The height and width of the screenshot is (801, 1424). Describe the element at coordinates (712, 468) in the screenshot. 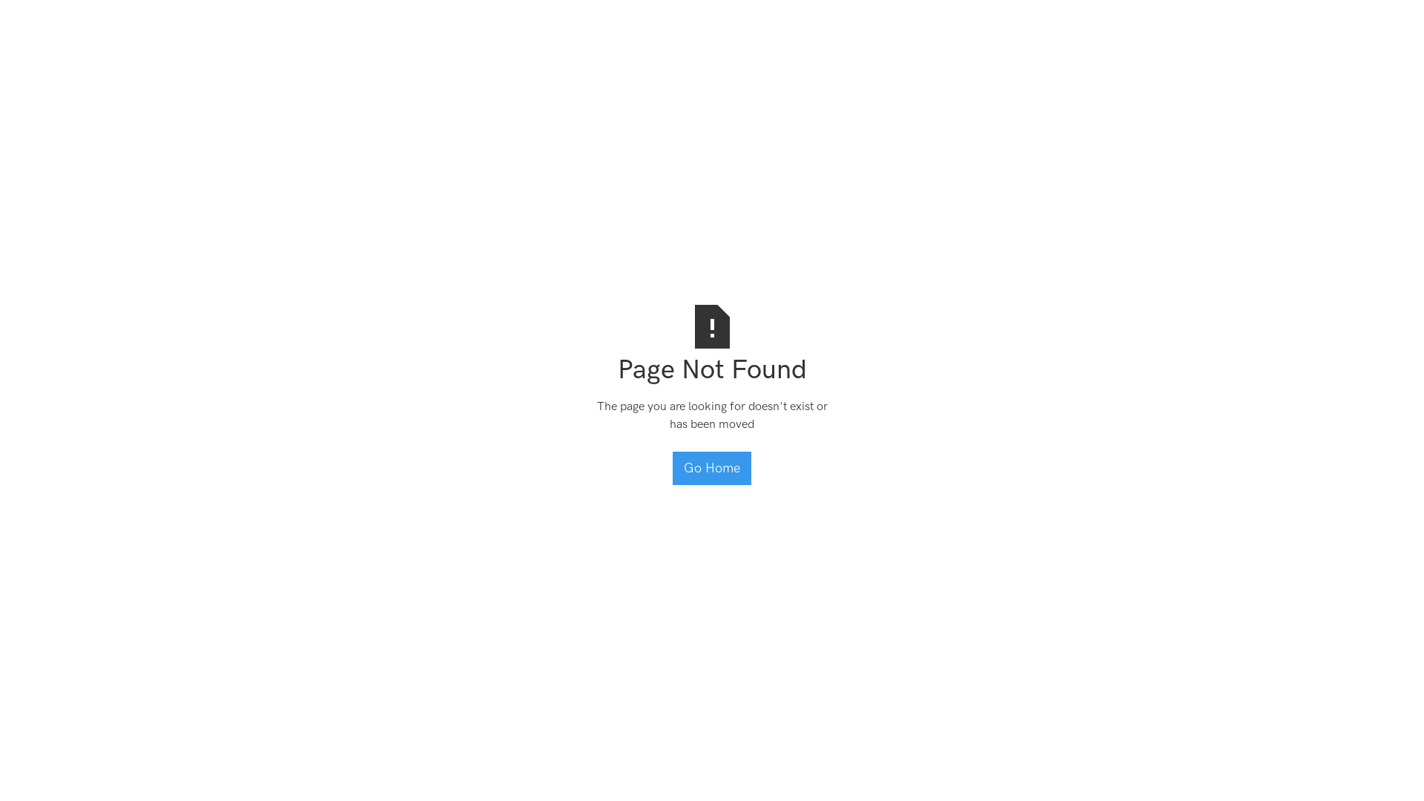

I see `'Go Home'` at that location.